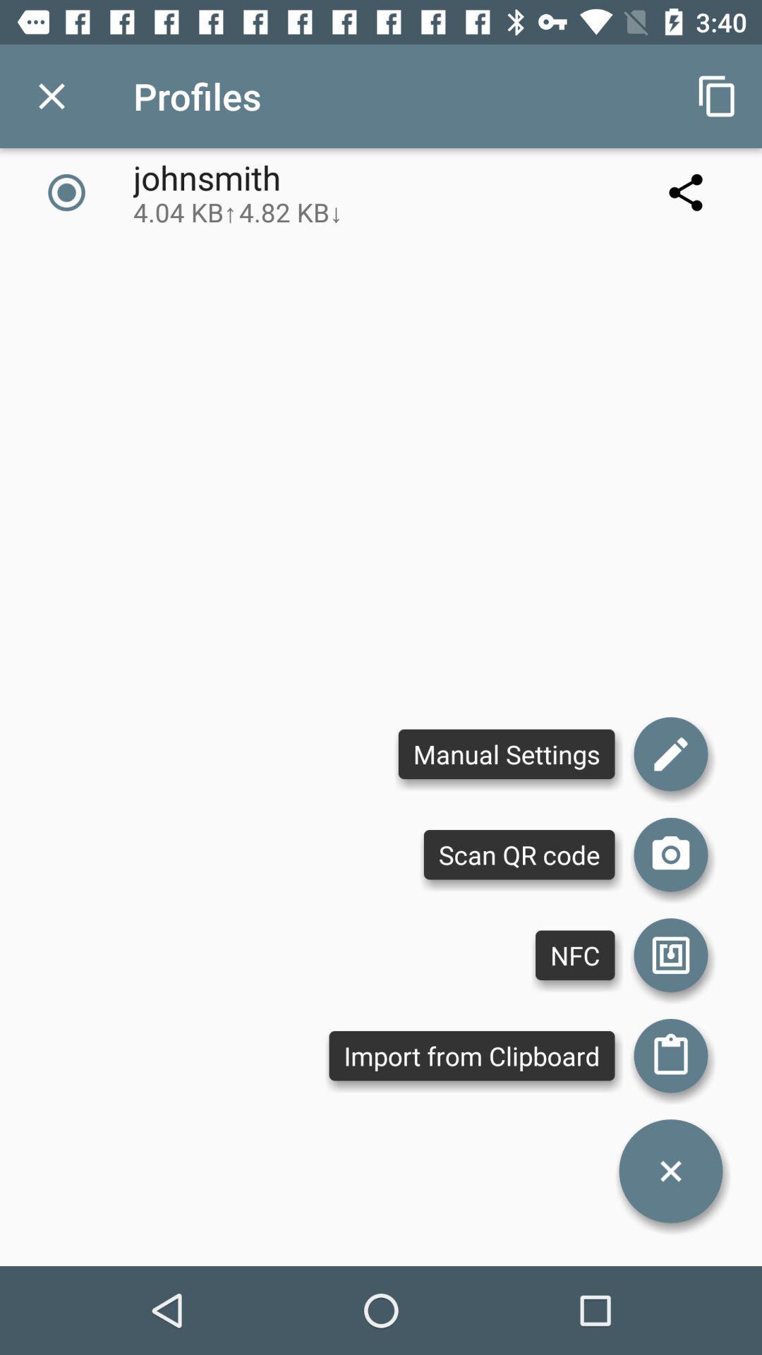 The width and height of the screenshot is (762, 1355). Describe the element at coordinates (471, 1056) in the screenshot. I see `the import from clipboard item` at that location.